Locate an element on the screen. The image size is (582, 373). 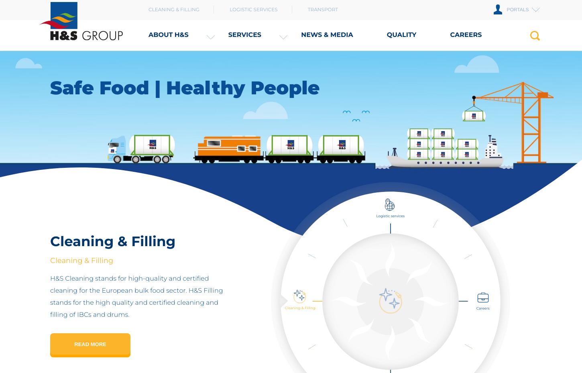
'Joint ventures' is located at coordinates (184, 79).